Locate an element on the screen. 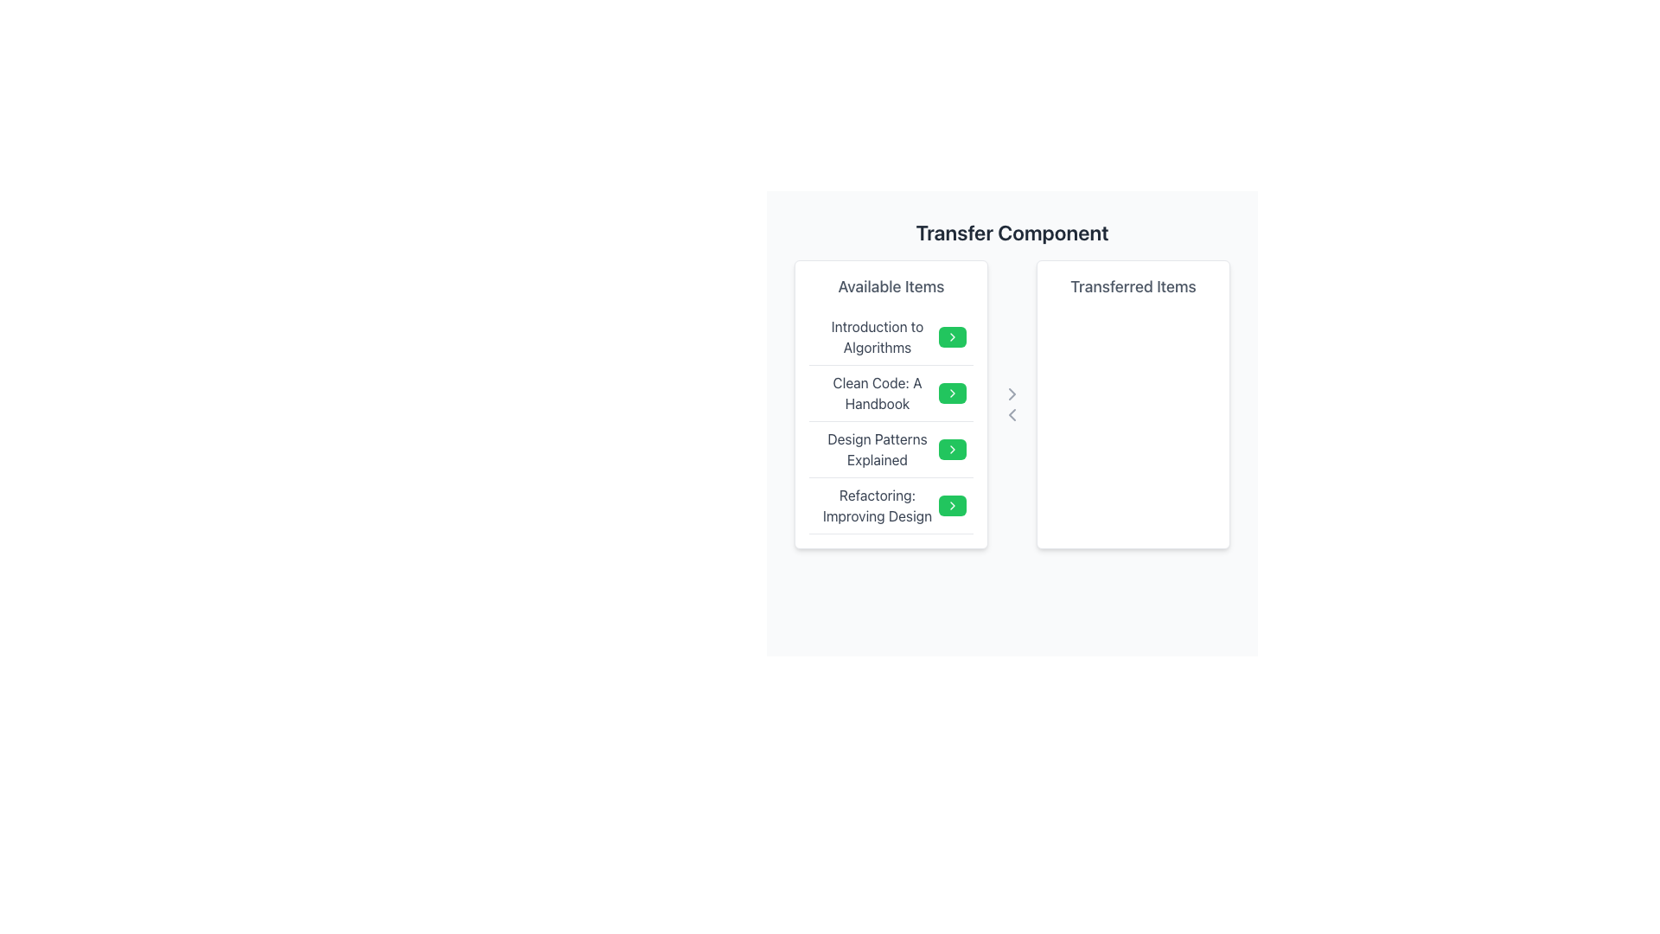 Image resolution: width=1660 pixels, height=934 pixels. the compact green button with a chevron icon next to 'Clean Code: A Handbook' in the 'Available Items' column is located at coordinates (952, 393).